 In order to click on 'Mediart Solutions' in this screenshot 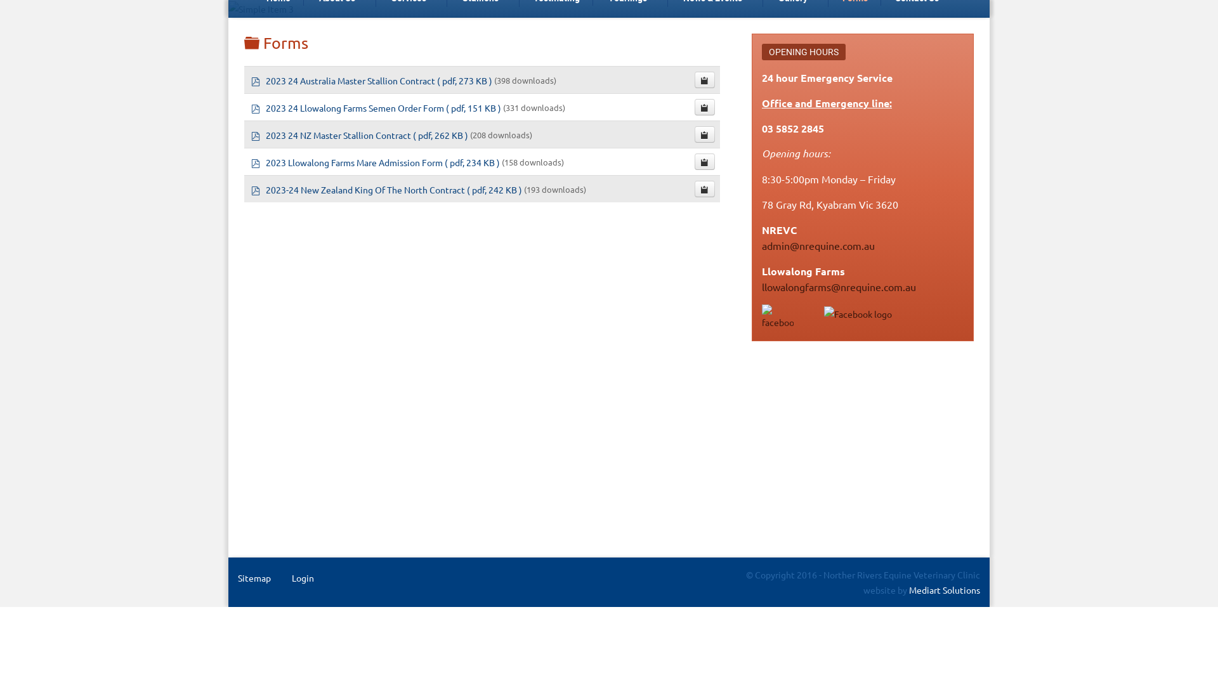, I will do `click(943, 589)`.